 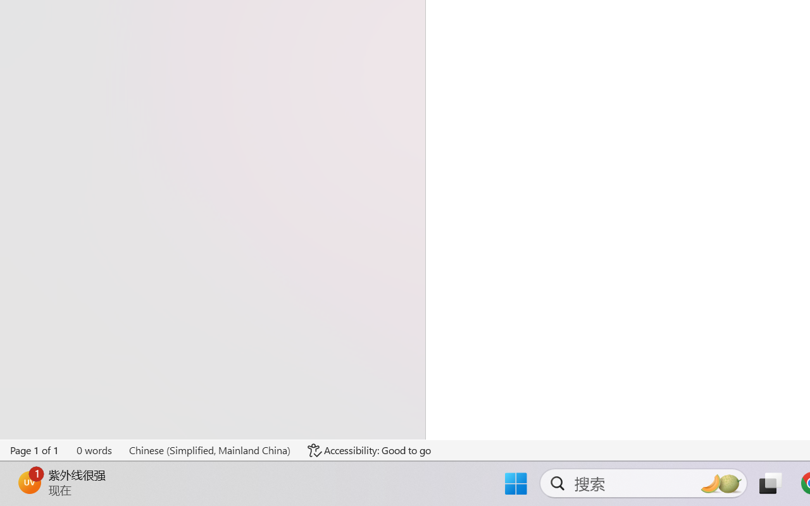 I want to click on 'Language Chinese (Simplified, Mainland China)', so click(x=209, y=450).